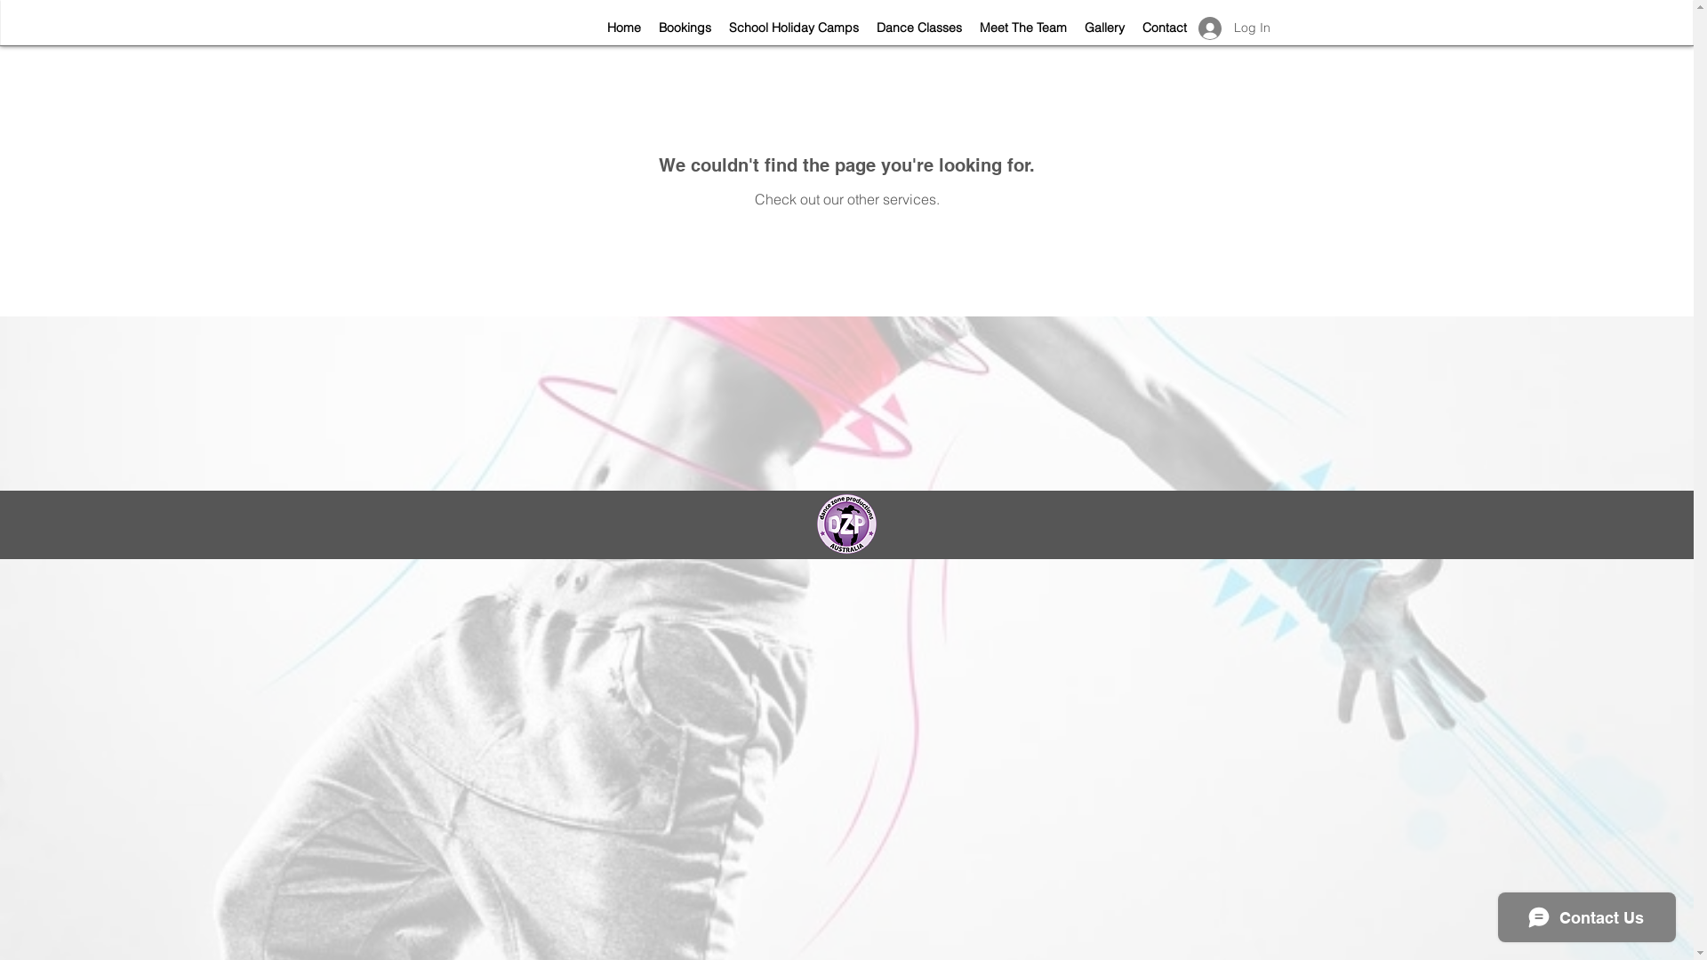 This screenshot has height=960, width=1707. I want to click on 'Meet The Team', so click(1023, 28).